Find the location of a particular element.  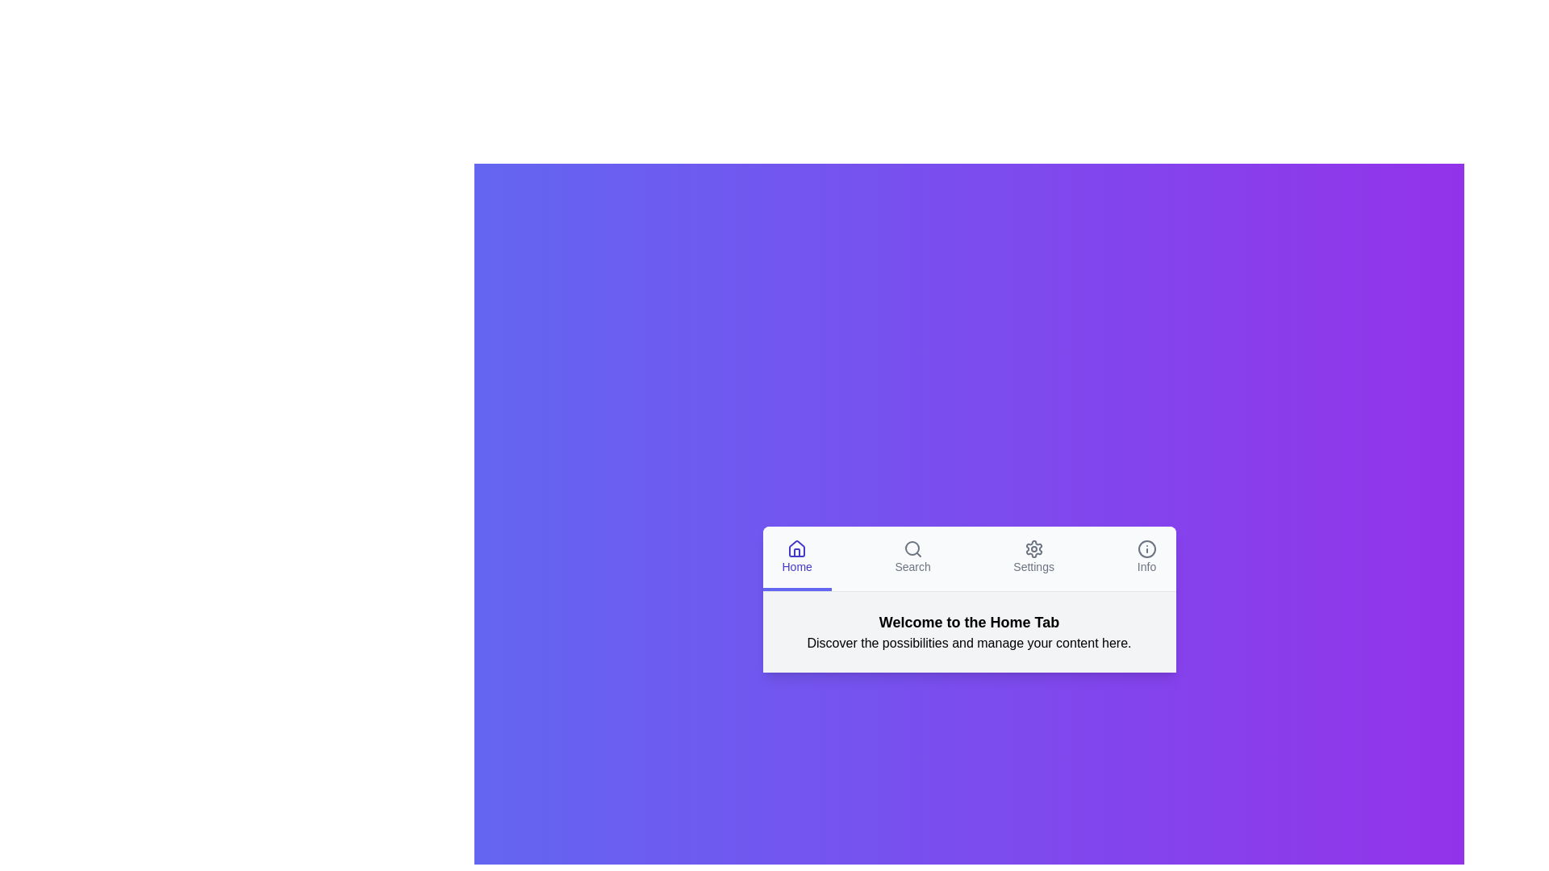

the Text Display Section that has a light gray background and contains the text 'Welcome to the Home Tab' and 'Discover the possibilities and manage your content here.' is located at coordinates (968, 631).